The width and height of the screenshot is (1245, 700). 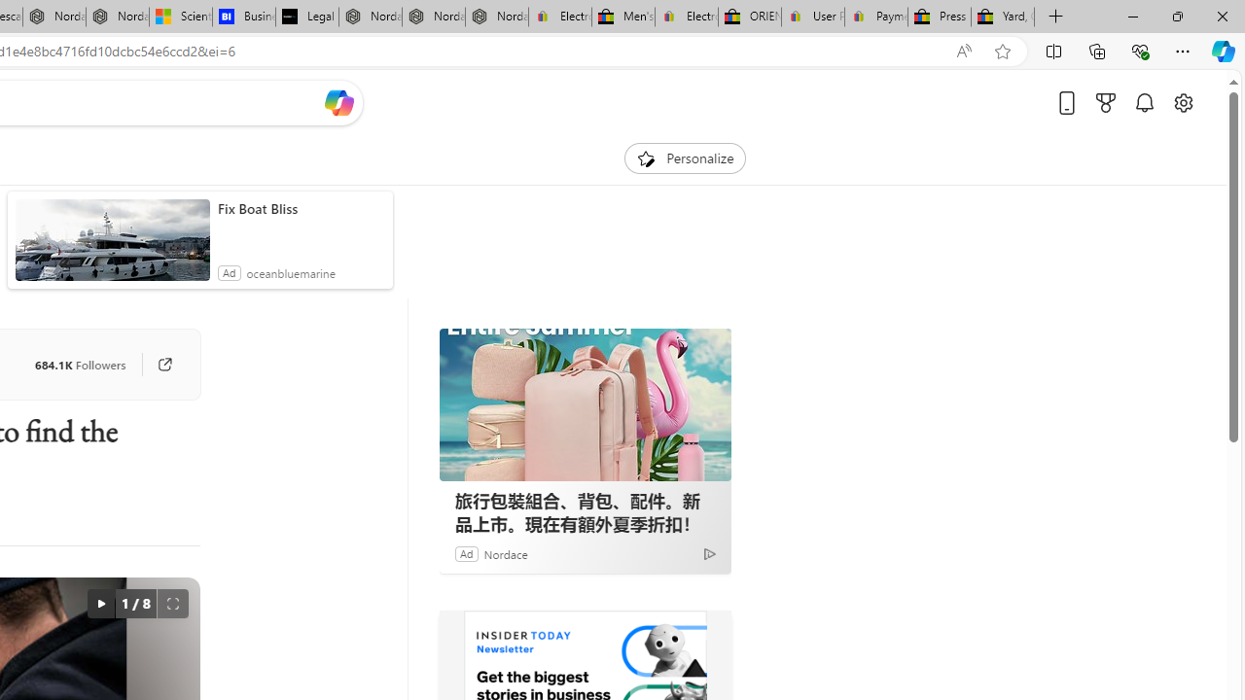 I want to click on 'Personalize', so click(x=685, y=157).